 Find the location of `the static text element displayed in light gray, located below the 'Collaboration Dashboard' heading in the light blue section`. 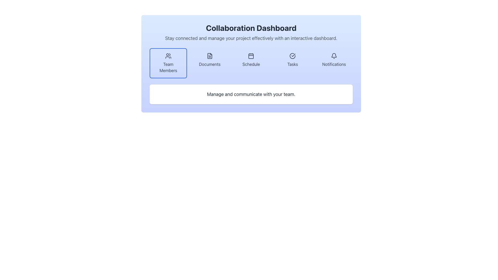

the static text element displayed in light gray, located below the 'Collaboration Dashboard' heading in the light blue section is located at coordinates (251, 38).